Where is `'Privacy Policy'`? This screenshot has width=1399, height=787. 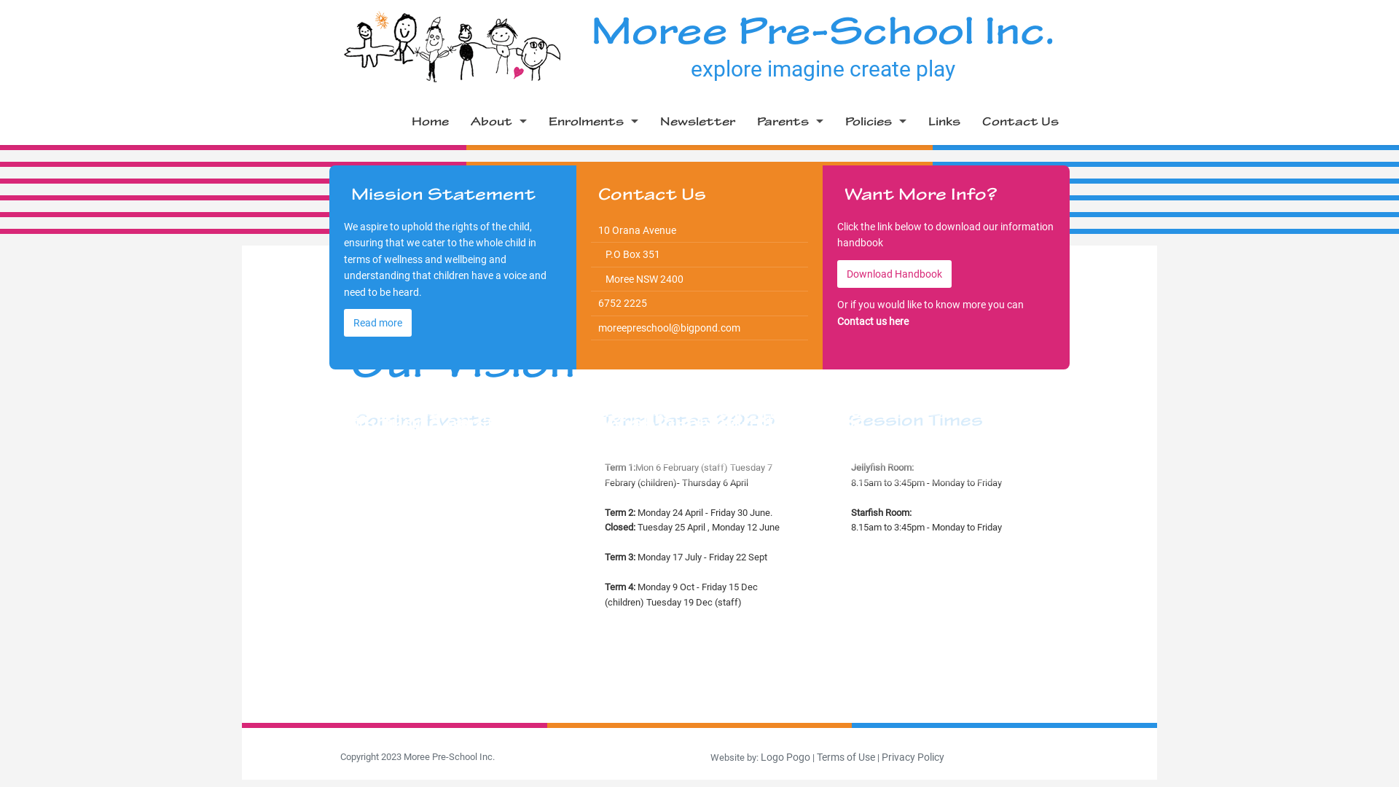
'Privacy Policy' is located at coordinates (912, 756).